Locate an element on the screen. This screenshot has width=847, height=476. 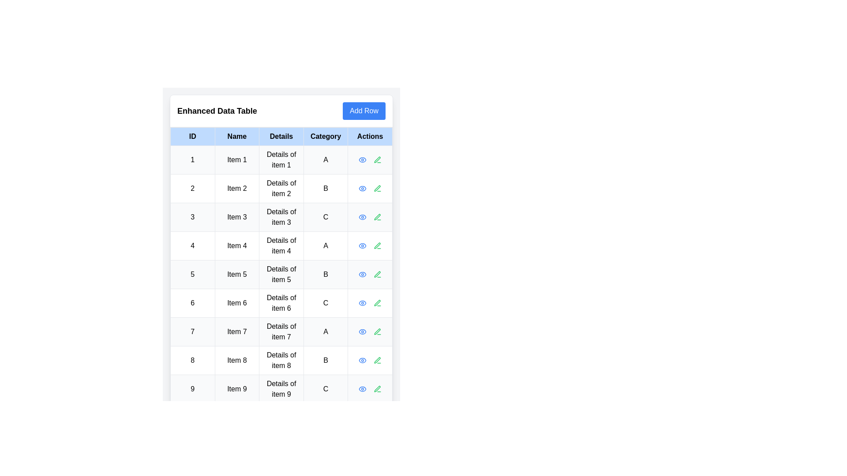
the text label displaying 'Item 7' located in the 'Name' column of the seventh row in the tabular layout is located at coordinates (237, 331).